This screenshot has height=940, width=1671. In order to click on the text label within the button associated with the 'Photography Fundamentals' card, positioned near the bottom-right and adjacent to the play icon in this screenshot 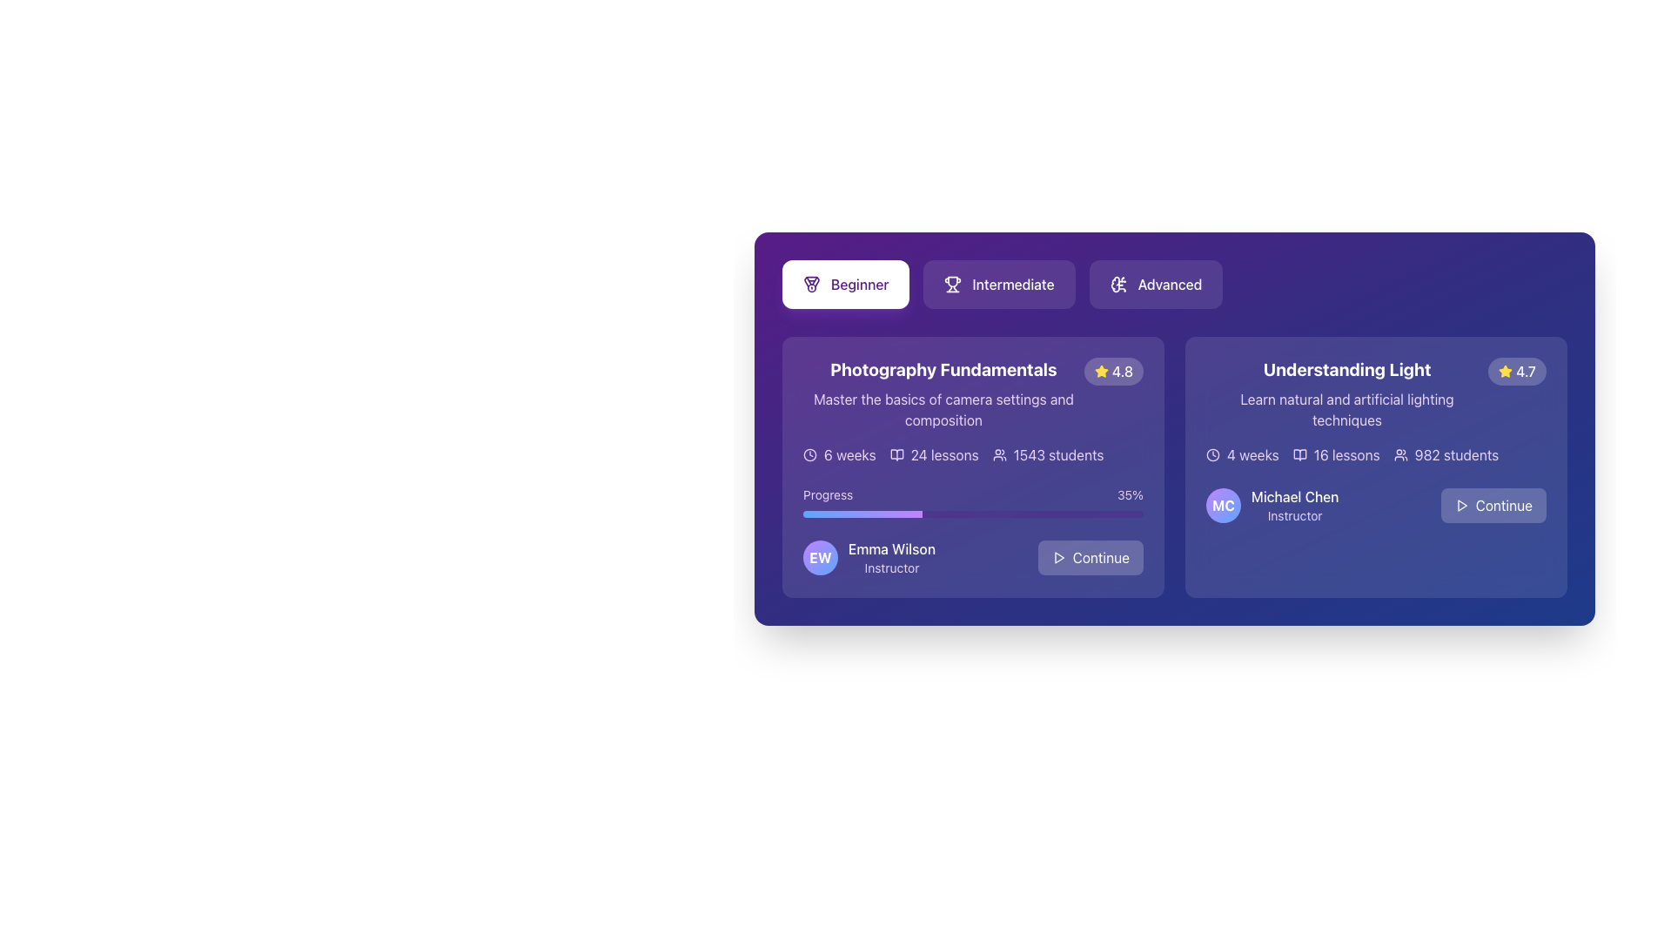, I will do `click(1100, 557)`.